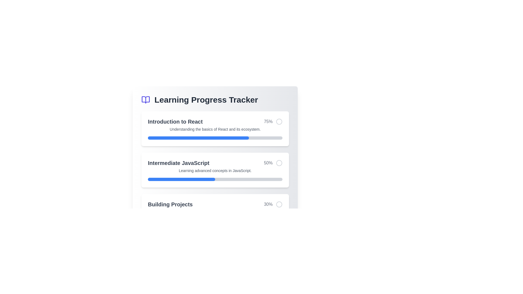  Describe the element at coordinates (279, 121) in the screenshot. I see `the Circle icon that is part of the learning progress tracker, located to the right of the 'Introduction to React' progress tracker, aligning with the '75%' percentage value` at that location.